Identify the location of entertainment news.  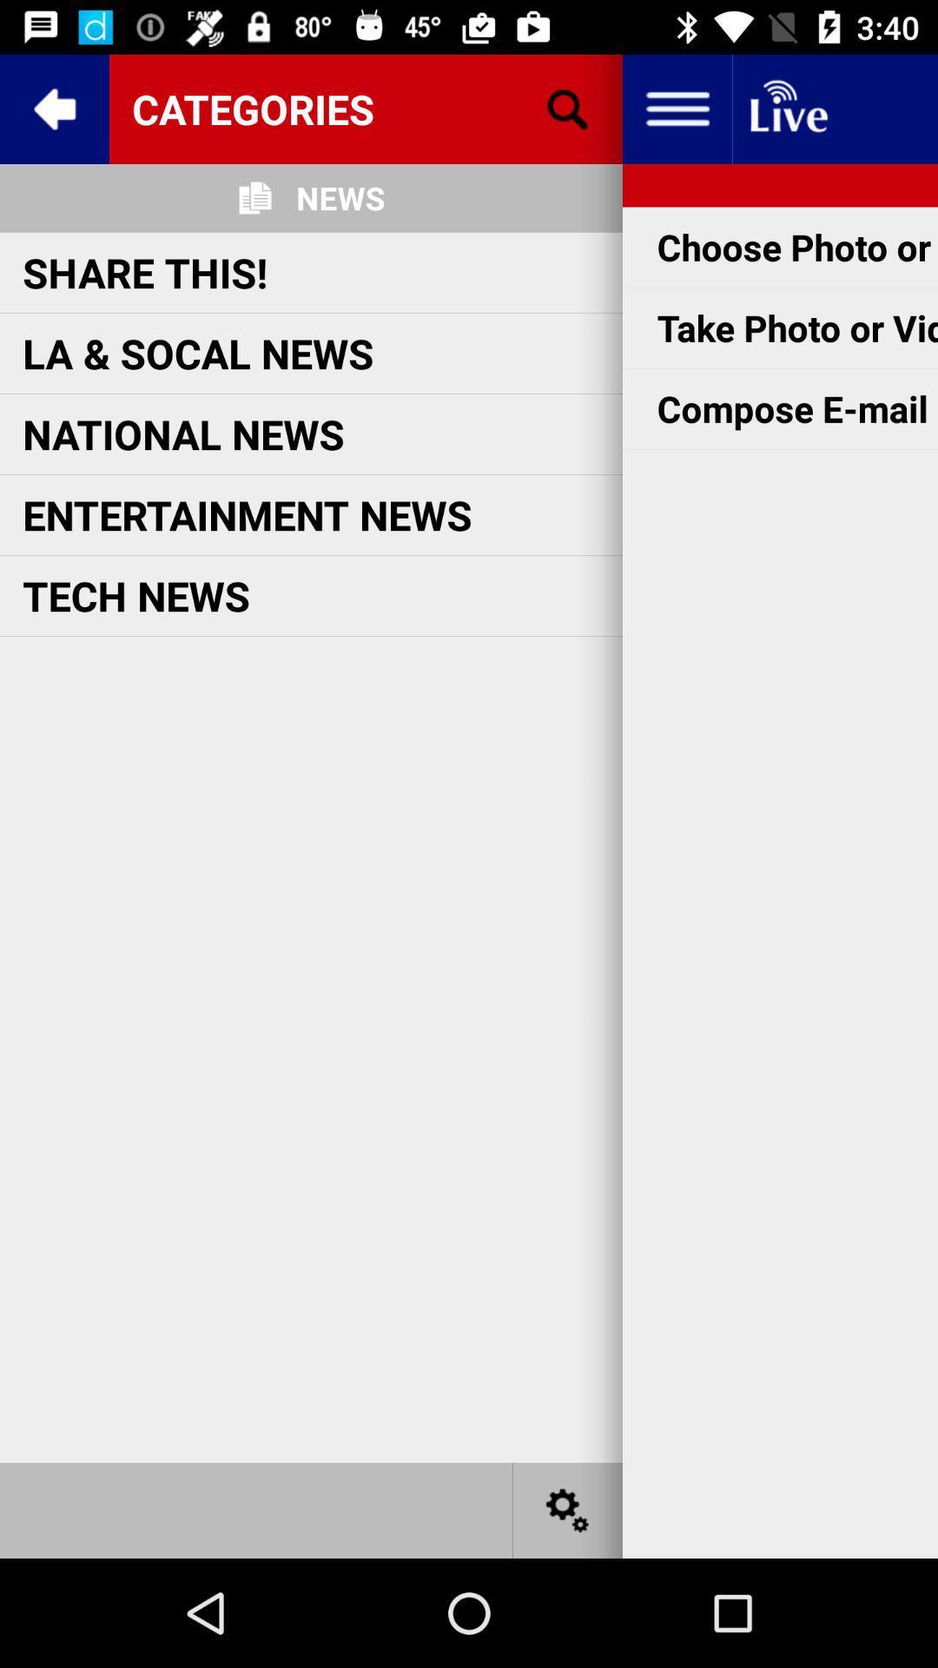
(248, 513).